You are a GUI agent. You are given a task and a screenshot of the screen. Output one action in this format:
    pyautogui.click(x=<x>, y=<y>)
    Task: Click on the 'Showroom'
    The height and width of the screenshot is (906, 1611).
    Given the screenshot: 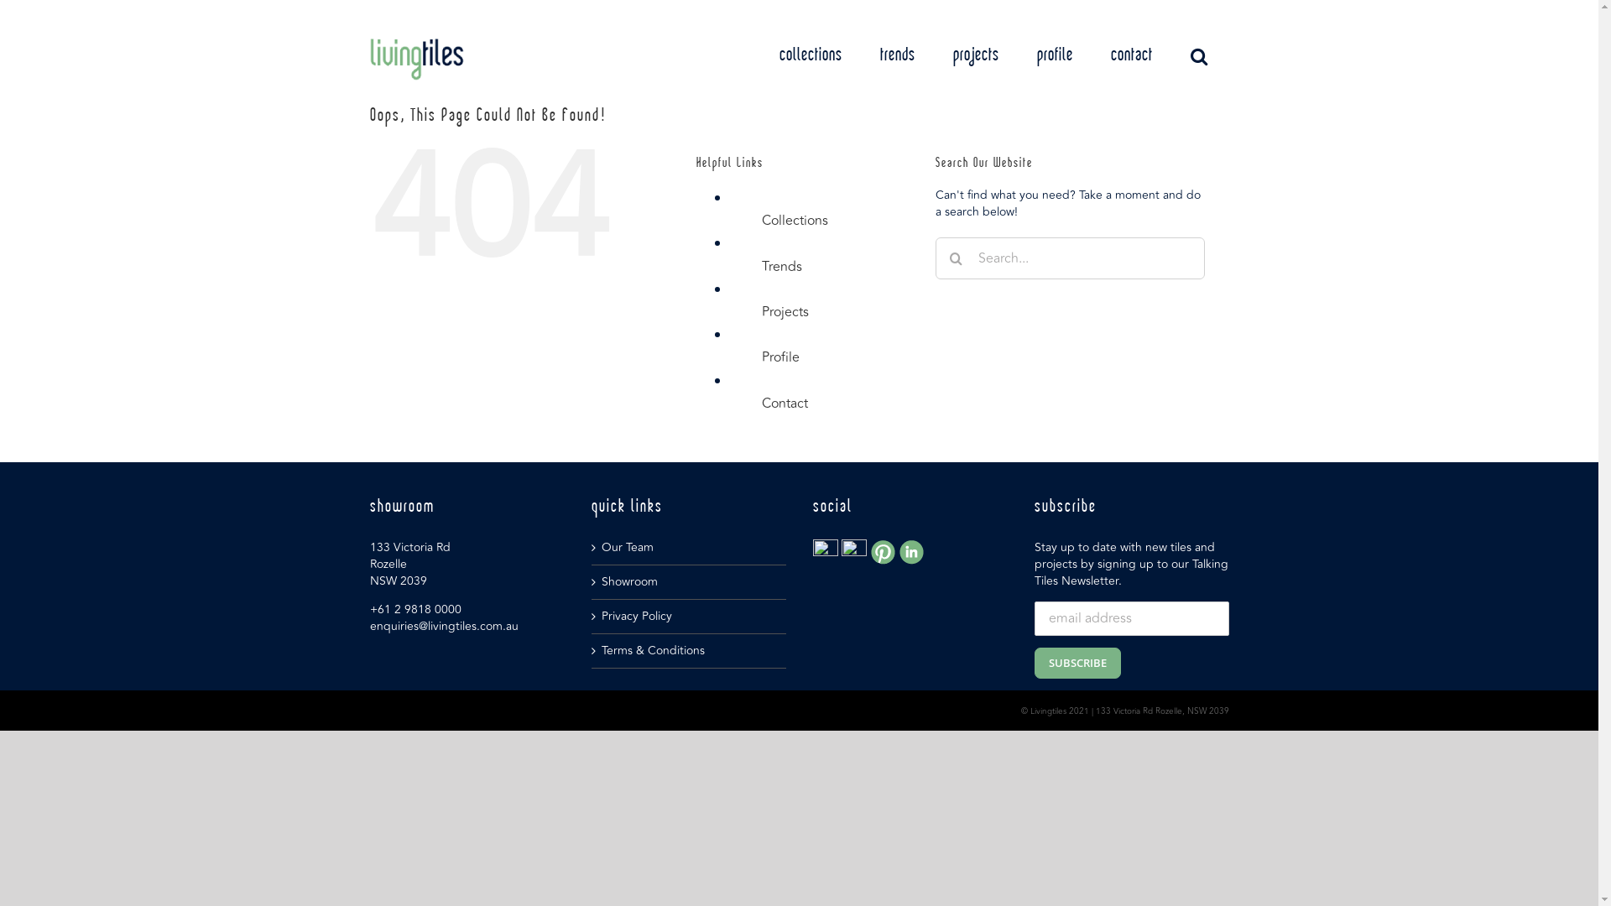 What is the action you would take?
    pyautogui.click(x=600, y=581)
    